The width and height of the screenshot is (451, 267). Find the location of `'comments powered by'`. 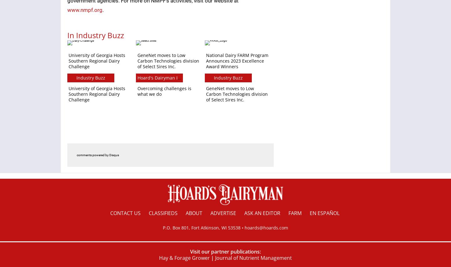

'comments powered by' is located at coordinates (76, 155).